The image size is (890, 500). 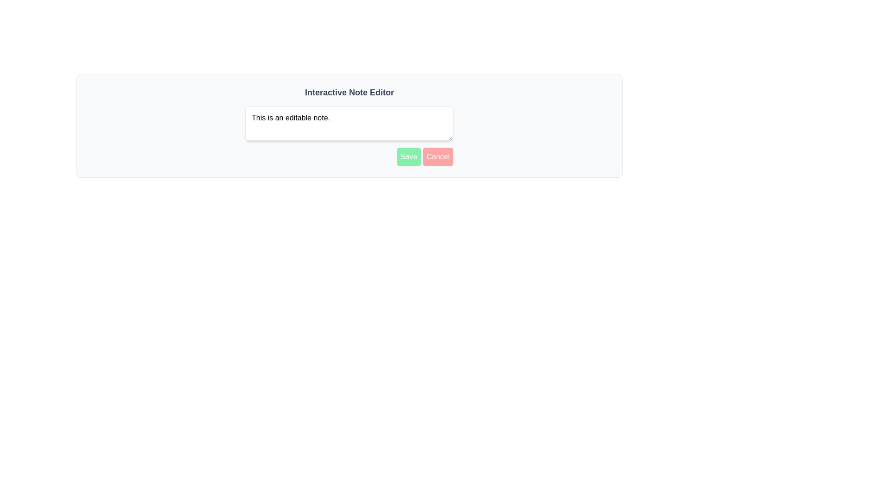 I want to click on the text label reading 'Interactive Note Editor' located at the top-center of the card interface, so click(x=349, y=93).